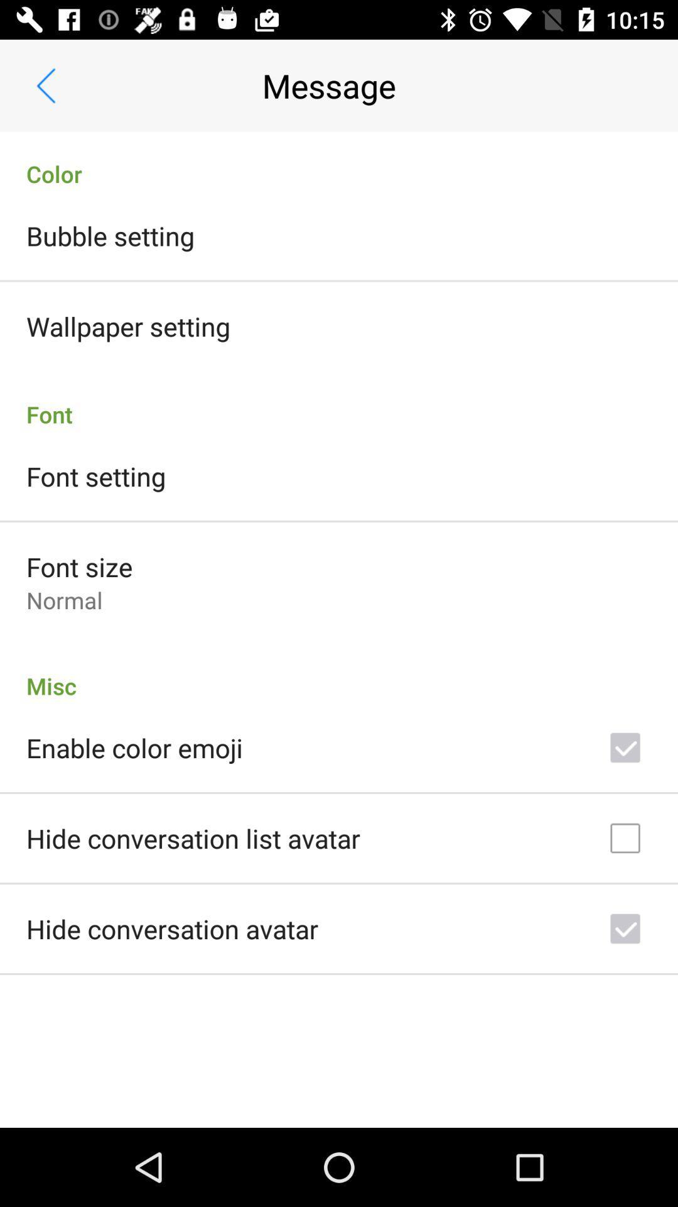  What do you see at coordinates (64, 599) in the screenshot?
I see `normal icon` at bounding box center [64, 599].